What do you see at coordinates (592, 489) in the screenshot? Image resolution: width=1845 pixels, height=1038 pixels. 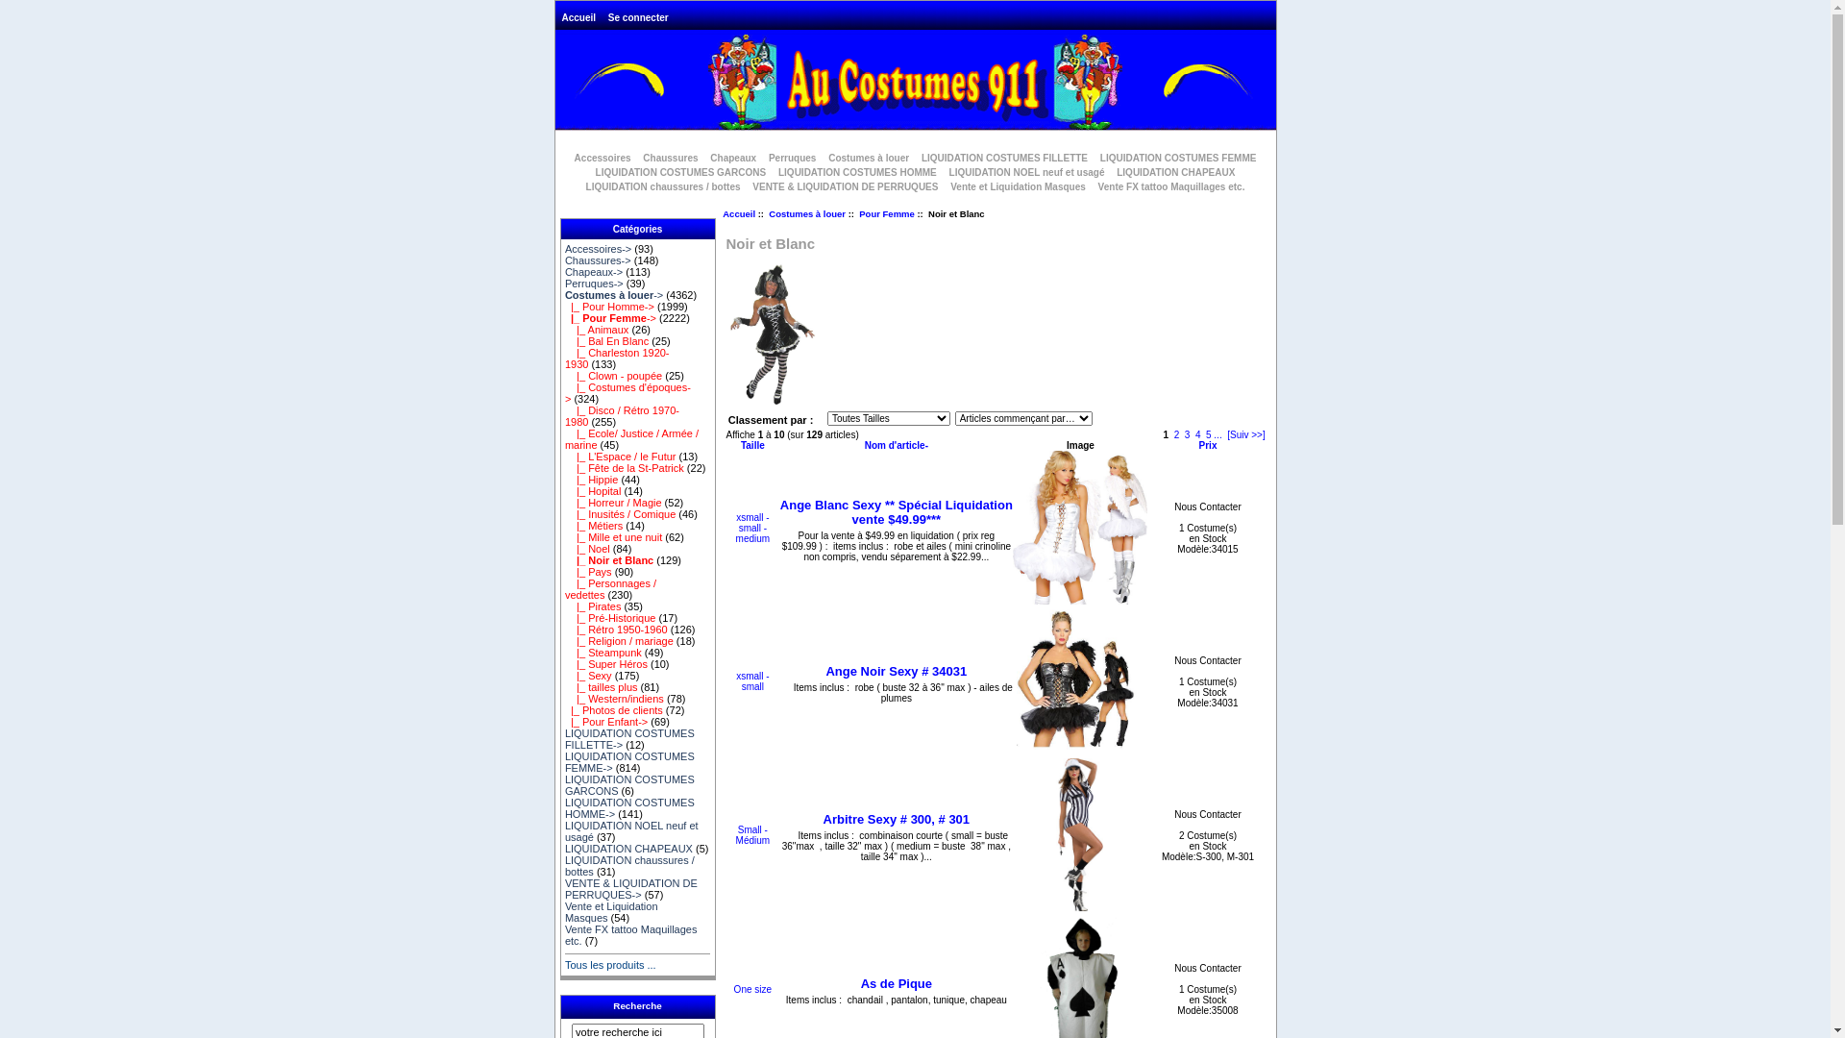 I see `'    |_ Hopital'` at bounding box center [592, 489].